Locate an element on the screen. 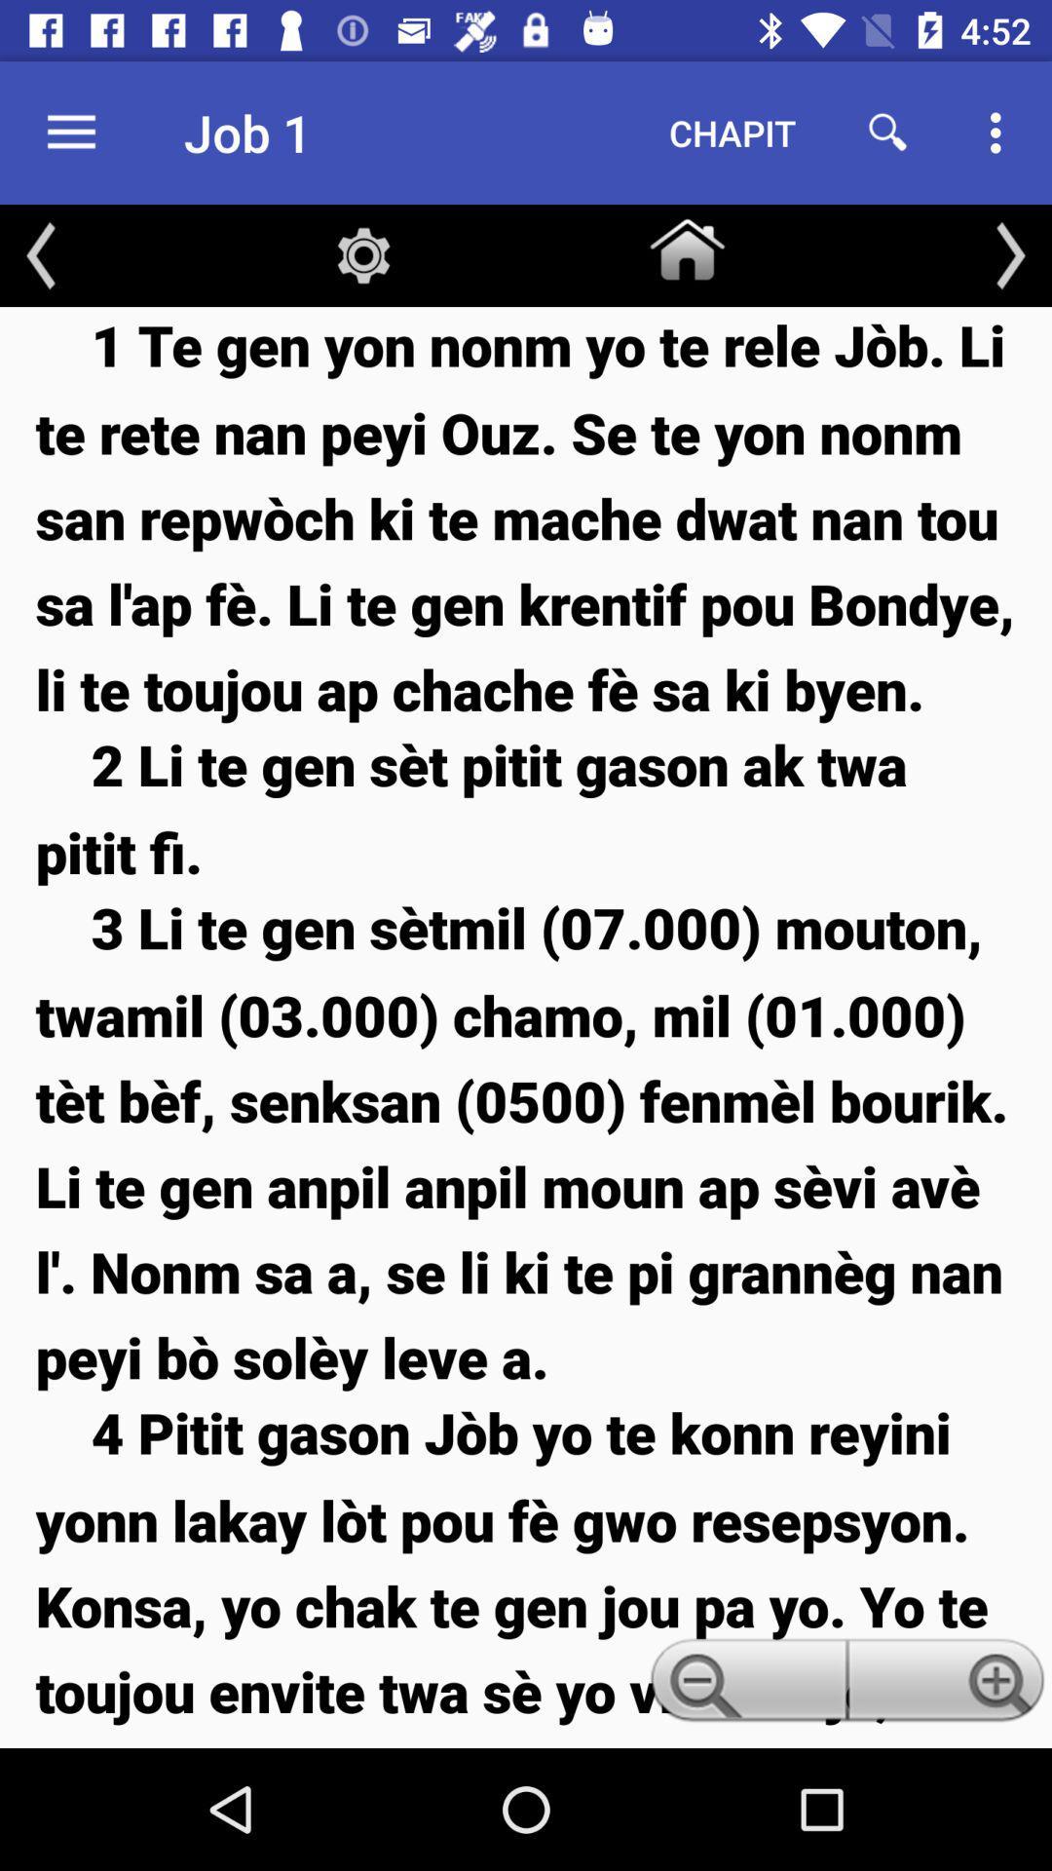  the item next to job 1 is located at coordinates (70, 132).